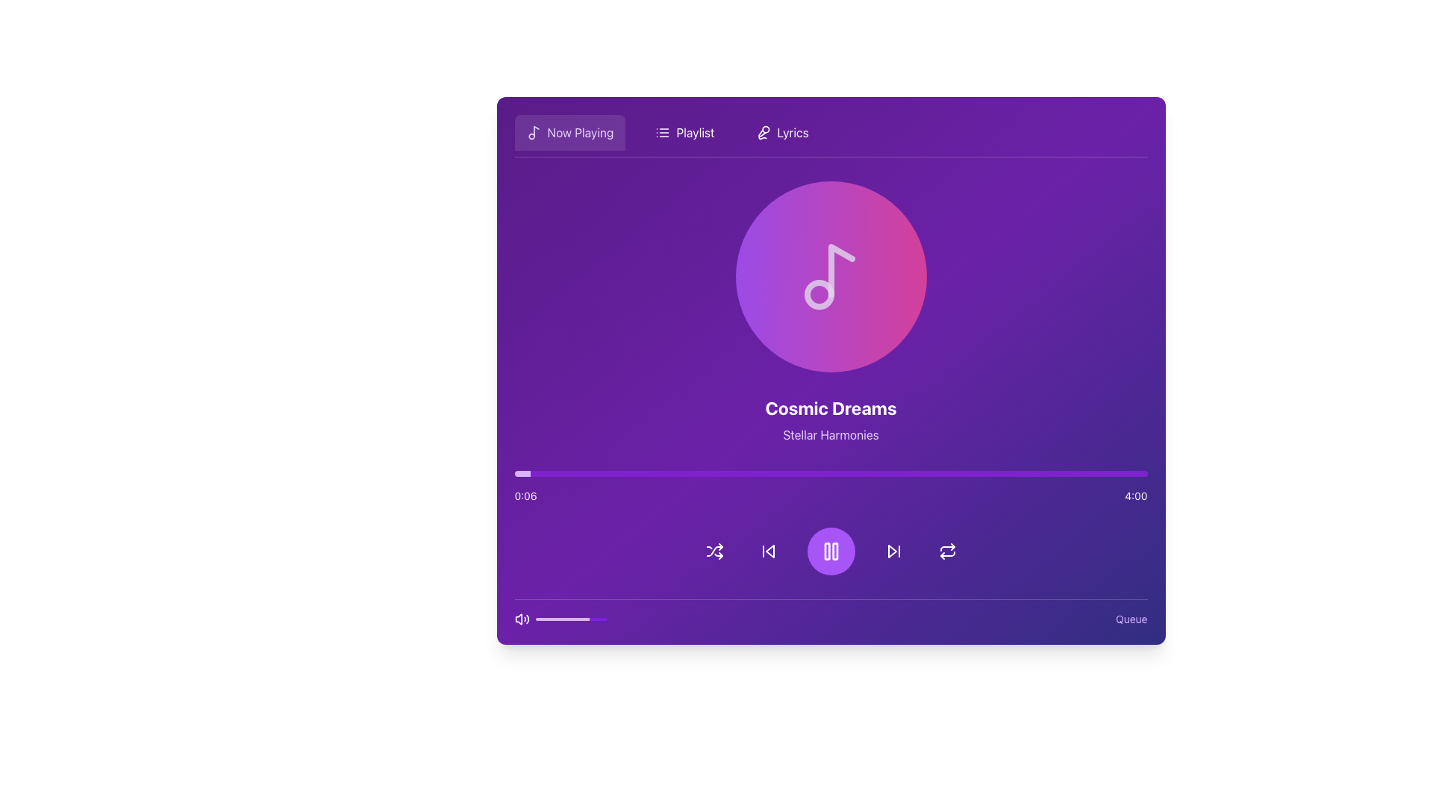 The height and width of the screenshot is (806, 1433). What do you see at coordinates (894, 474) in the screenshot?
I see `playback progress` at bounding box center [894, 474].